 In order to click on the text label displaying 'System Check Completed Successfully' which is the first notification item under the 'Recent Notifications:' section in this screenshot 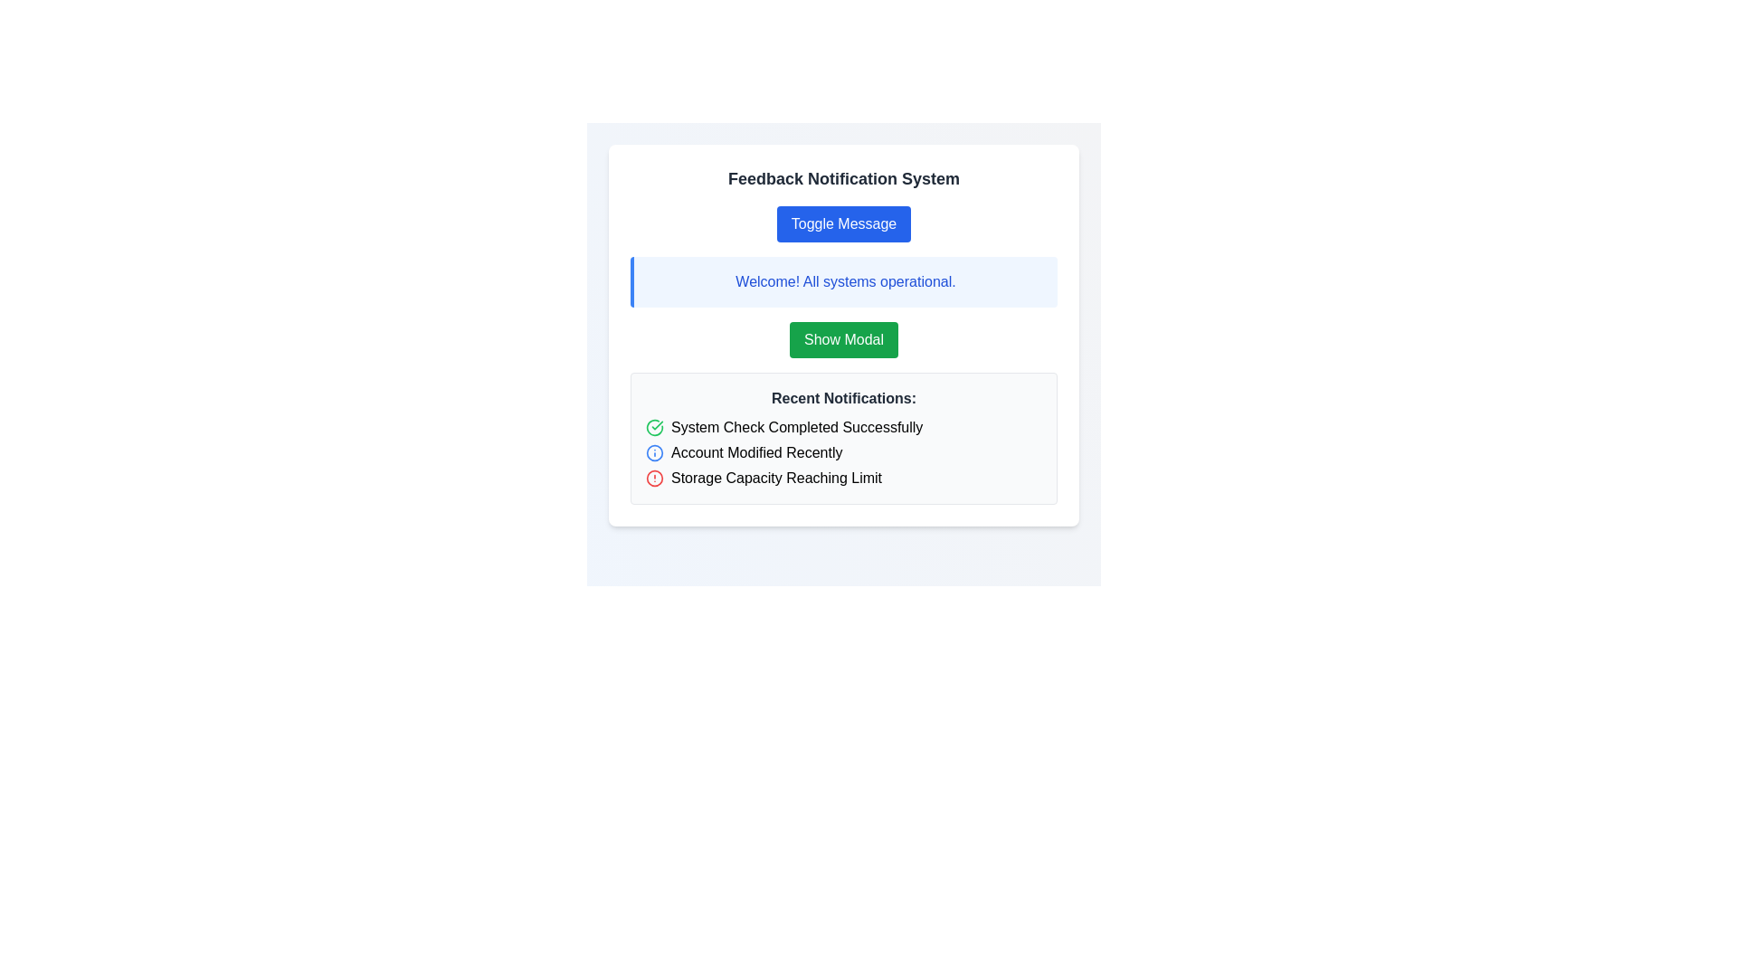, I will do `click(796, 428)`.